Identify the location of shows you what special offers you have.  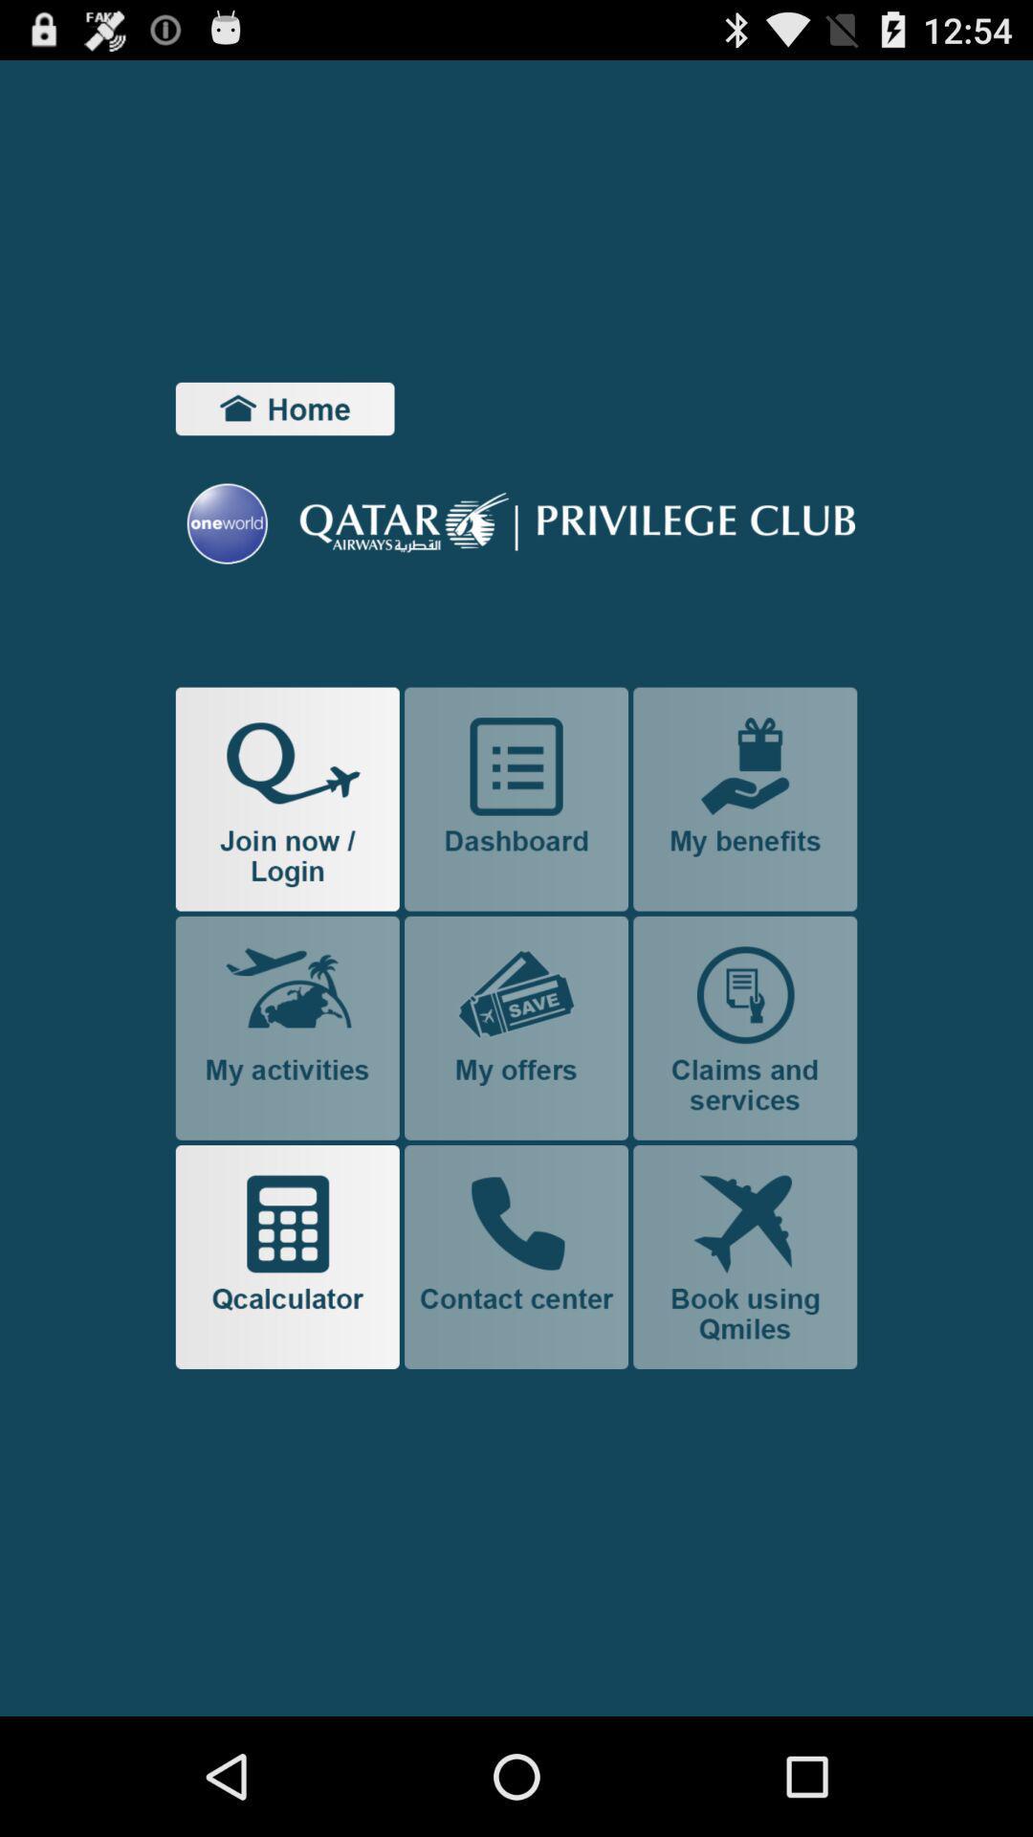
(516, 1027).